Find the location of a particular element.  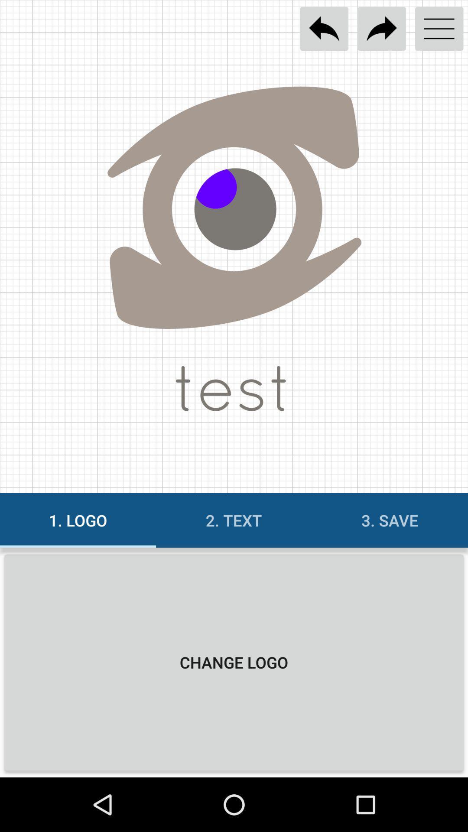

forward is located at coordinates (381, 29).